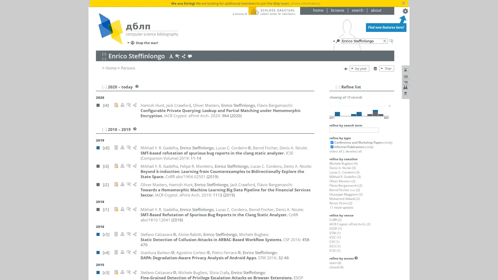 The width and height of the screenshot is (498, 280). What do you see at coordinates (336, 151) in the screenshot?
I see `select all` at bounding box center [336, 151].